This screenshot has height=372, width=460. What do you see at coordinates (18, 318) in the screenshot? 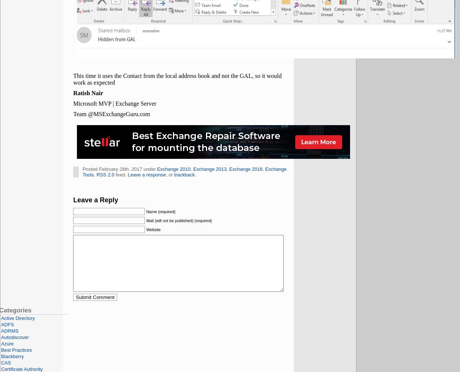
I see `'Active Directory'` at bounding box center [18, 318].